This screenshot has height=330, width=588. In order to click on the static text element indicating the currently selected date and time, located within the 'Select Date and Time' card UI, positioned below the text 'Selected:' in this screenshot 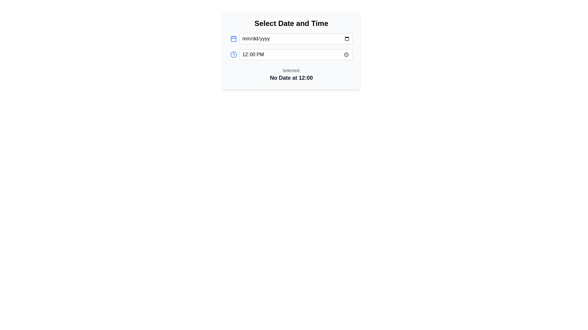, I will do `click(291, 77)`.